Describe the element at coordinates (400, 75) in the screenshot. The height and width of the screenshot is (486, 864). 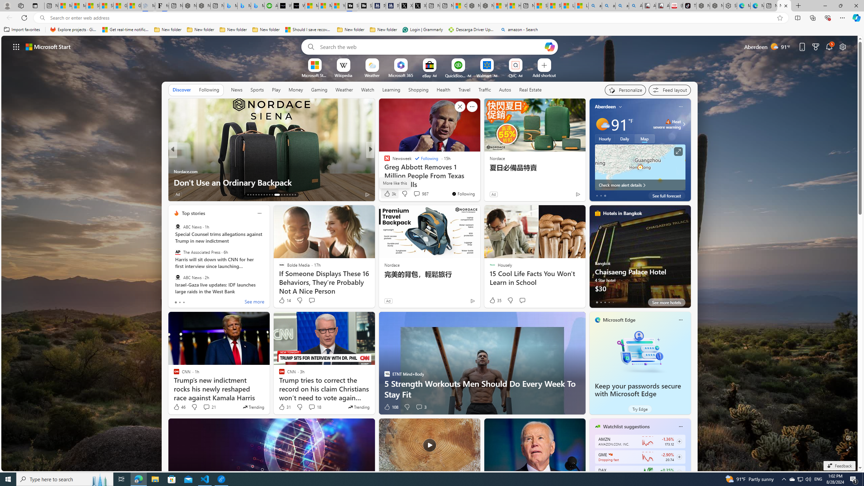
I see `'Microsoft 365'` at that location.